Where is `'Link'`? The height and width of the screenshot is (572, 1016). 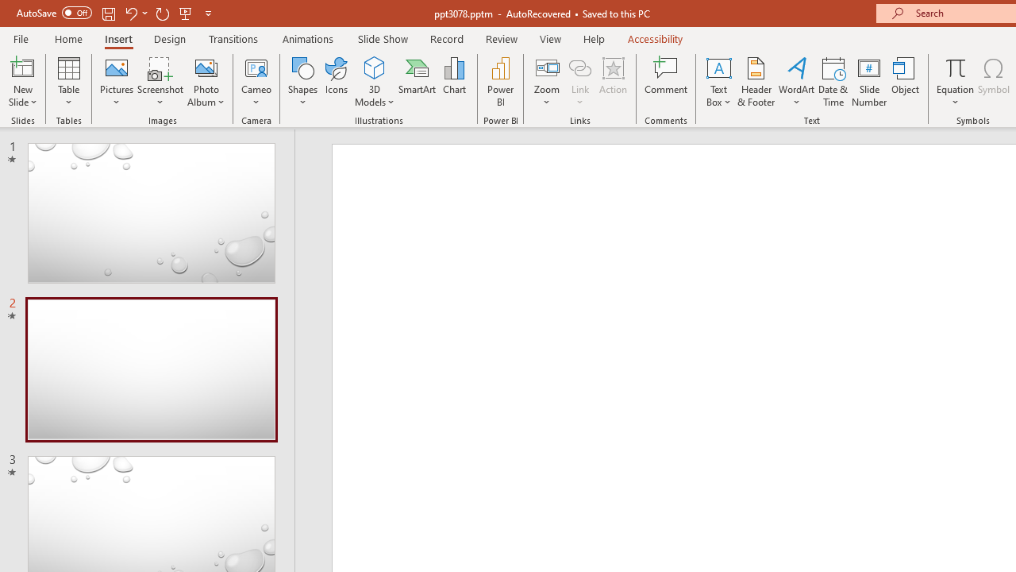
'Link' is located at coordinates (579, 67).